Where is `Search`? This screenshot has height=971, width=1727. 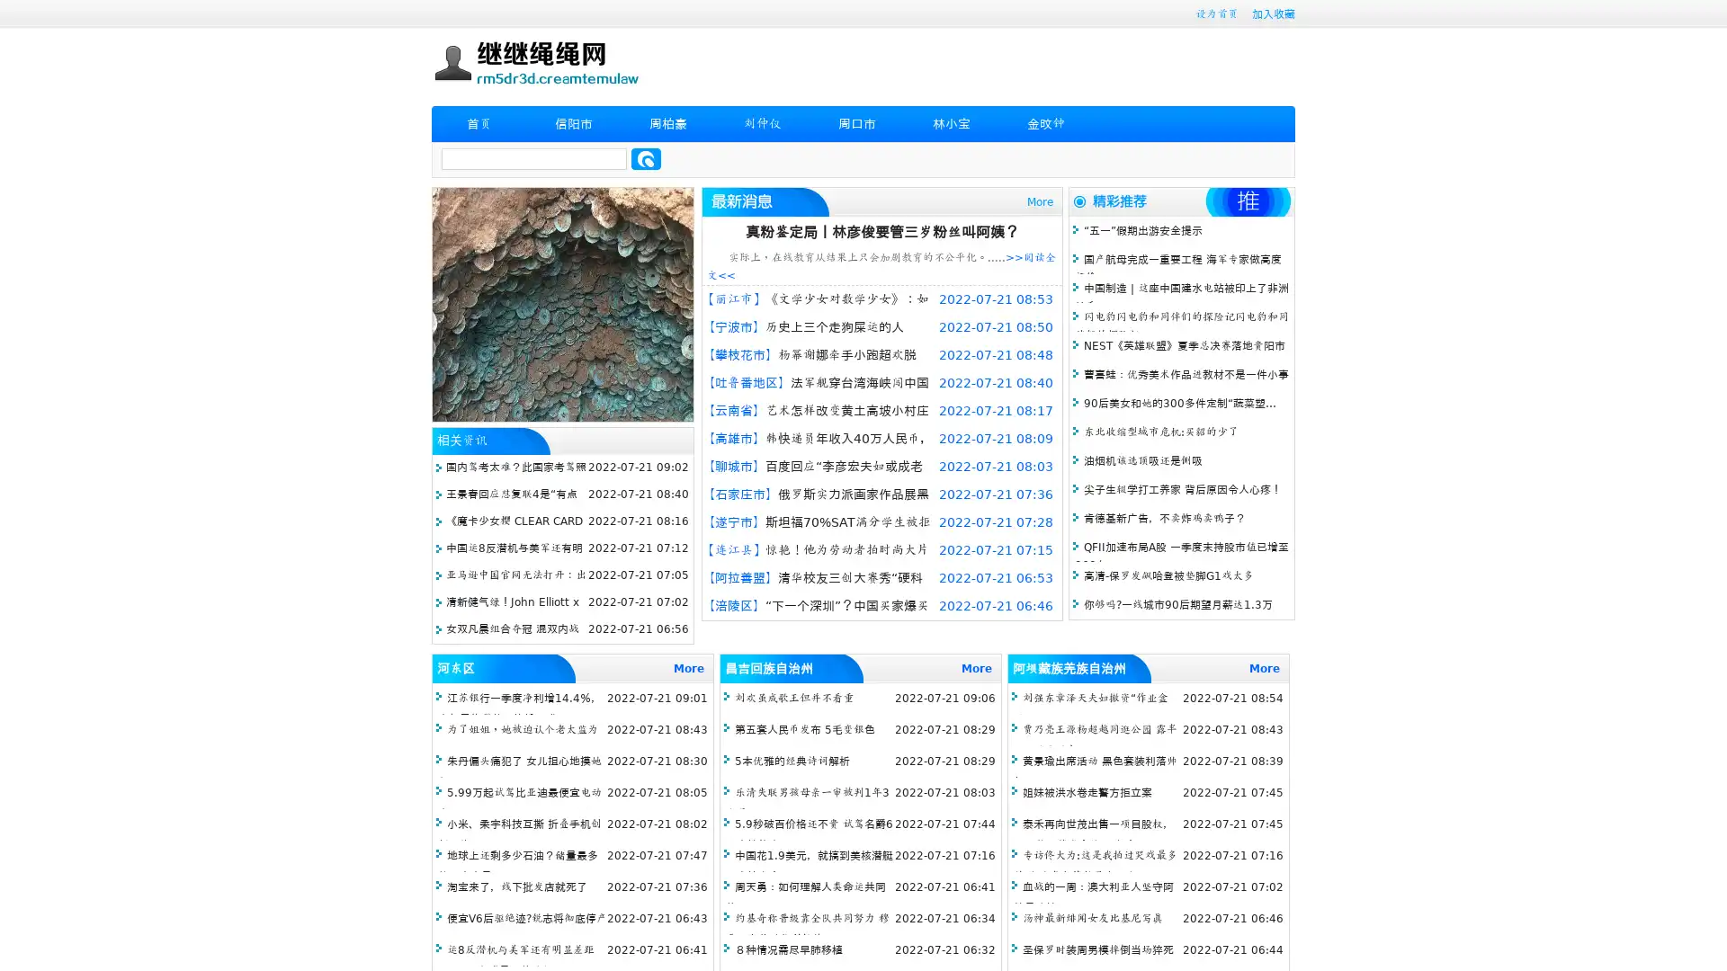
Search is located at coordinates (646, 158).